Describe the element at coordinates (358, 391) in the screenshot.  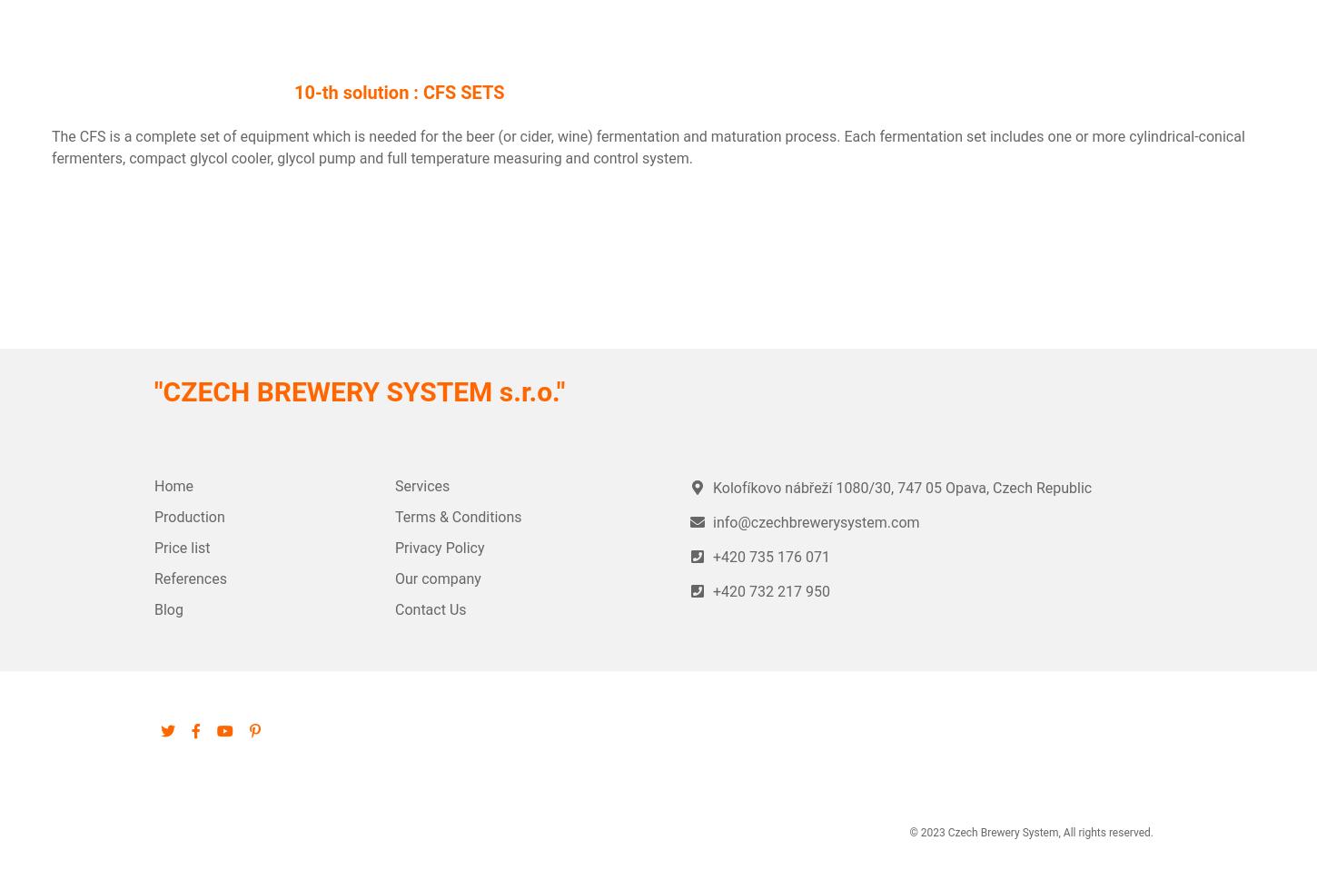
I see `'"CZECH BREWERY SYSTEM s.r.o."'` at that location.